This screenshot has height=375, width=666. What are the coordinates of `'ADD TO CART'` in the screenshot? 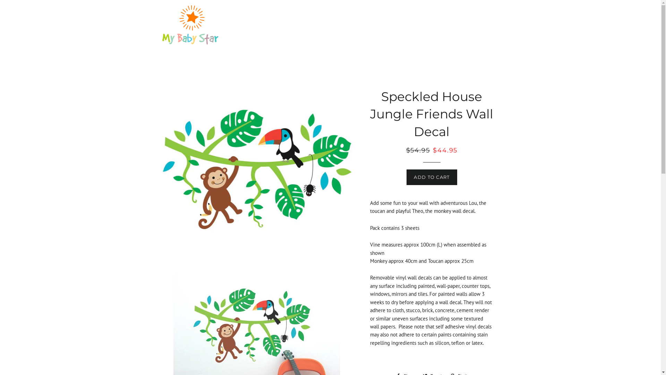 It's located at (431, 176).